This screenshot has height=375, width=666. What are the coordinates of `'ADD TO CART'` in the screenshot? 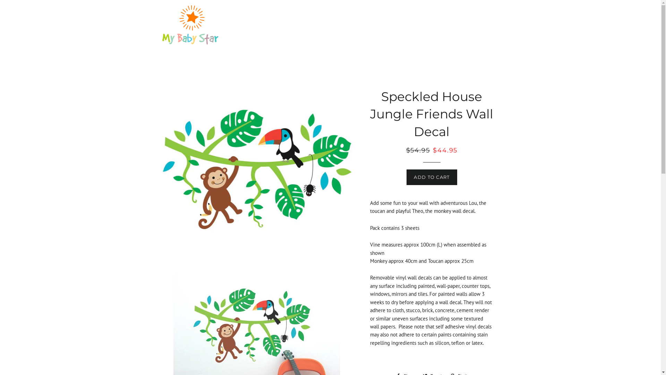 It's located at (431, 176).